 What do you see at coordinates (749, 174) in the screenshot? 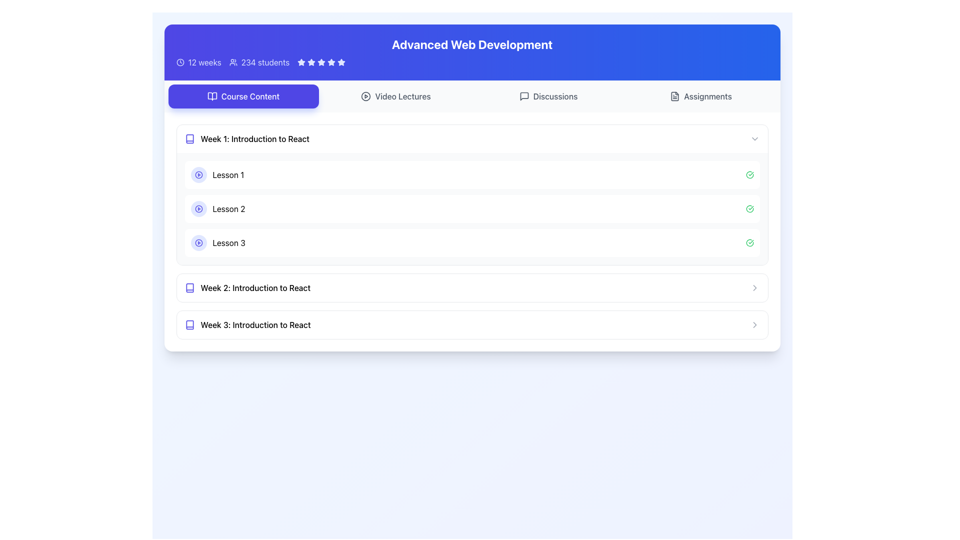
I see `the status indicator icon with a green checkmark inside, located on the right side of the 'Lesson 1' row in the 'Week 1: Introduction to React' section for information` at bounding box center [749, 174].